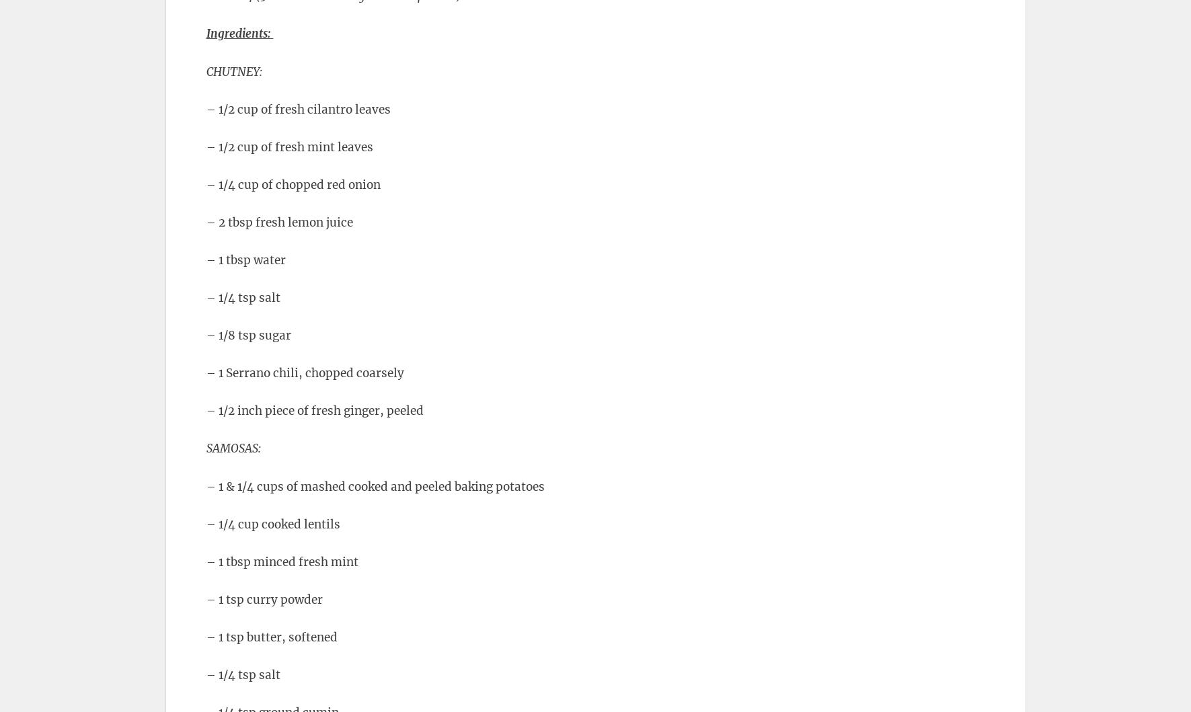 This screenshot has height=712, width=1191. I want to click on '– 1 tbsp minced fresh mint', so click(282, 561).